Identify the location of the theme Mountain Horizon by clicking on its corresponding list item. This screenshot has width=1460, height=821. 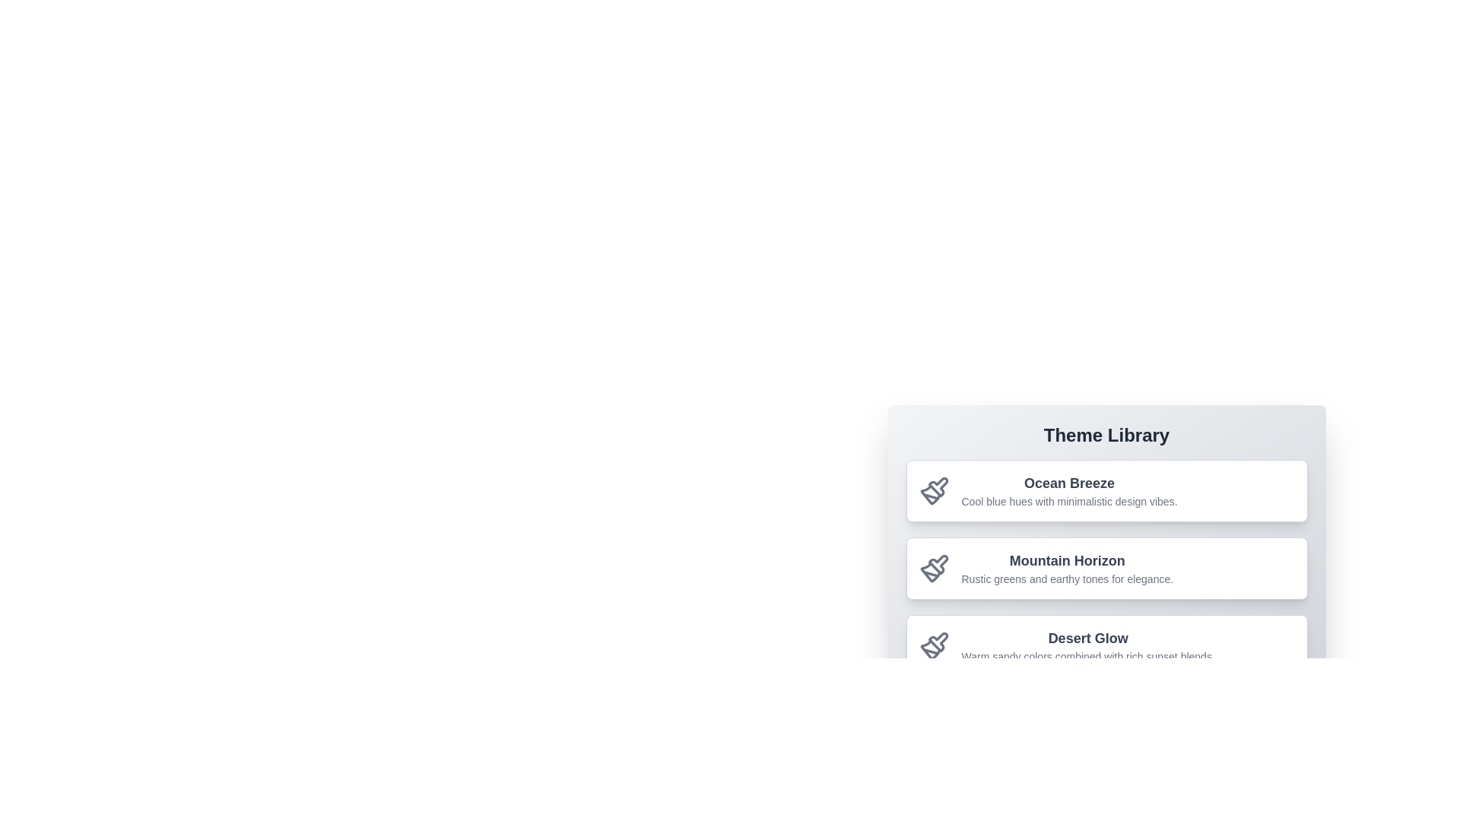
(1106, 569).